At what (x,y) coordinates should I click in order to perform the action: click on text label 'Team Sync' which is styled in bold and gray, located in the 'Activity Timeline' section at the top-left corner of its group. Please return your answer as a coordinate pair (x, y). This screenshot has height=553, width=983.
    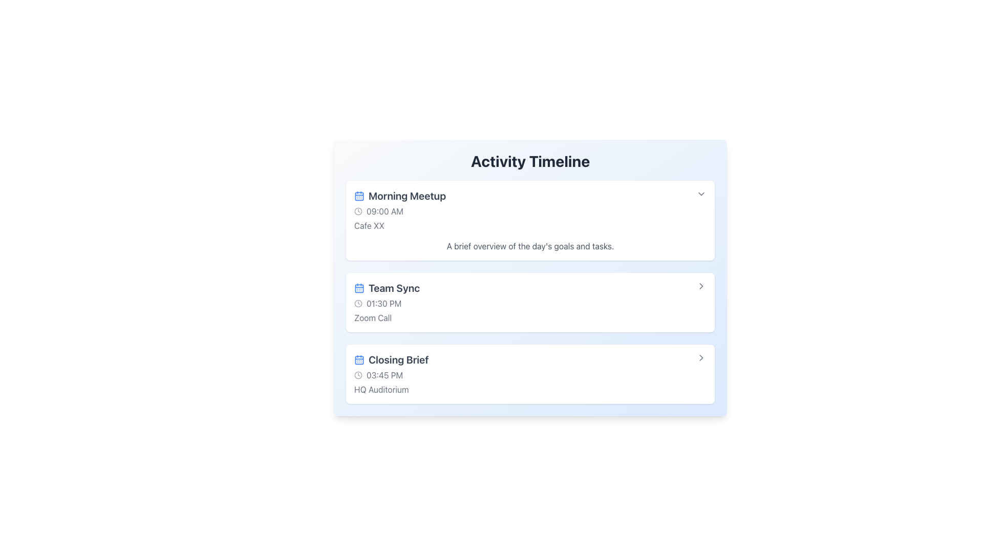
    Looking at the image, I should click on (387, 288).